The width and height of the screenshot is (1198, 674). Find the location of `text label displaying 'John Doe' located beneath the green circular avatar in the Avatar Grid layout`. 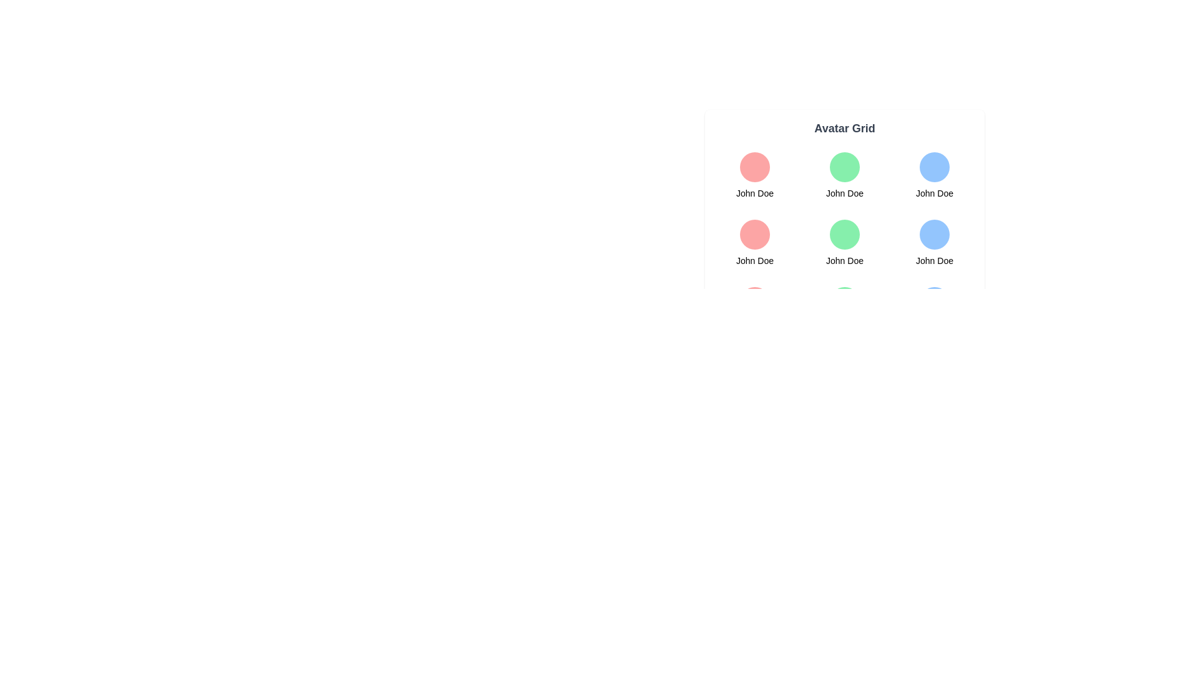

text label displaying 'John Doe' located beneath the green circular avatar in the Avatar Grid layout is located at coordinates (844, 260).